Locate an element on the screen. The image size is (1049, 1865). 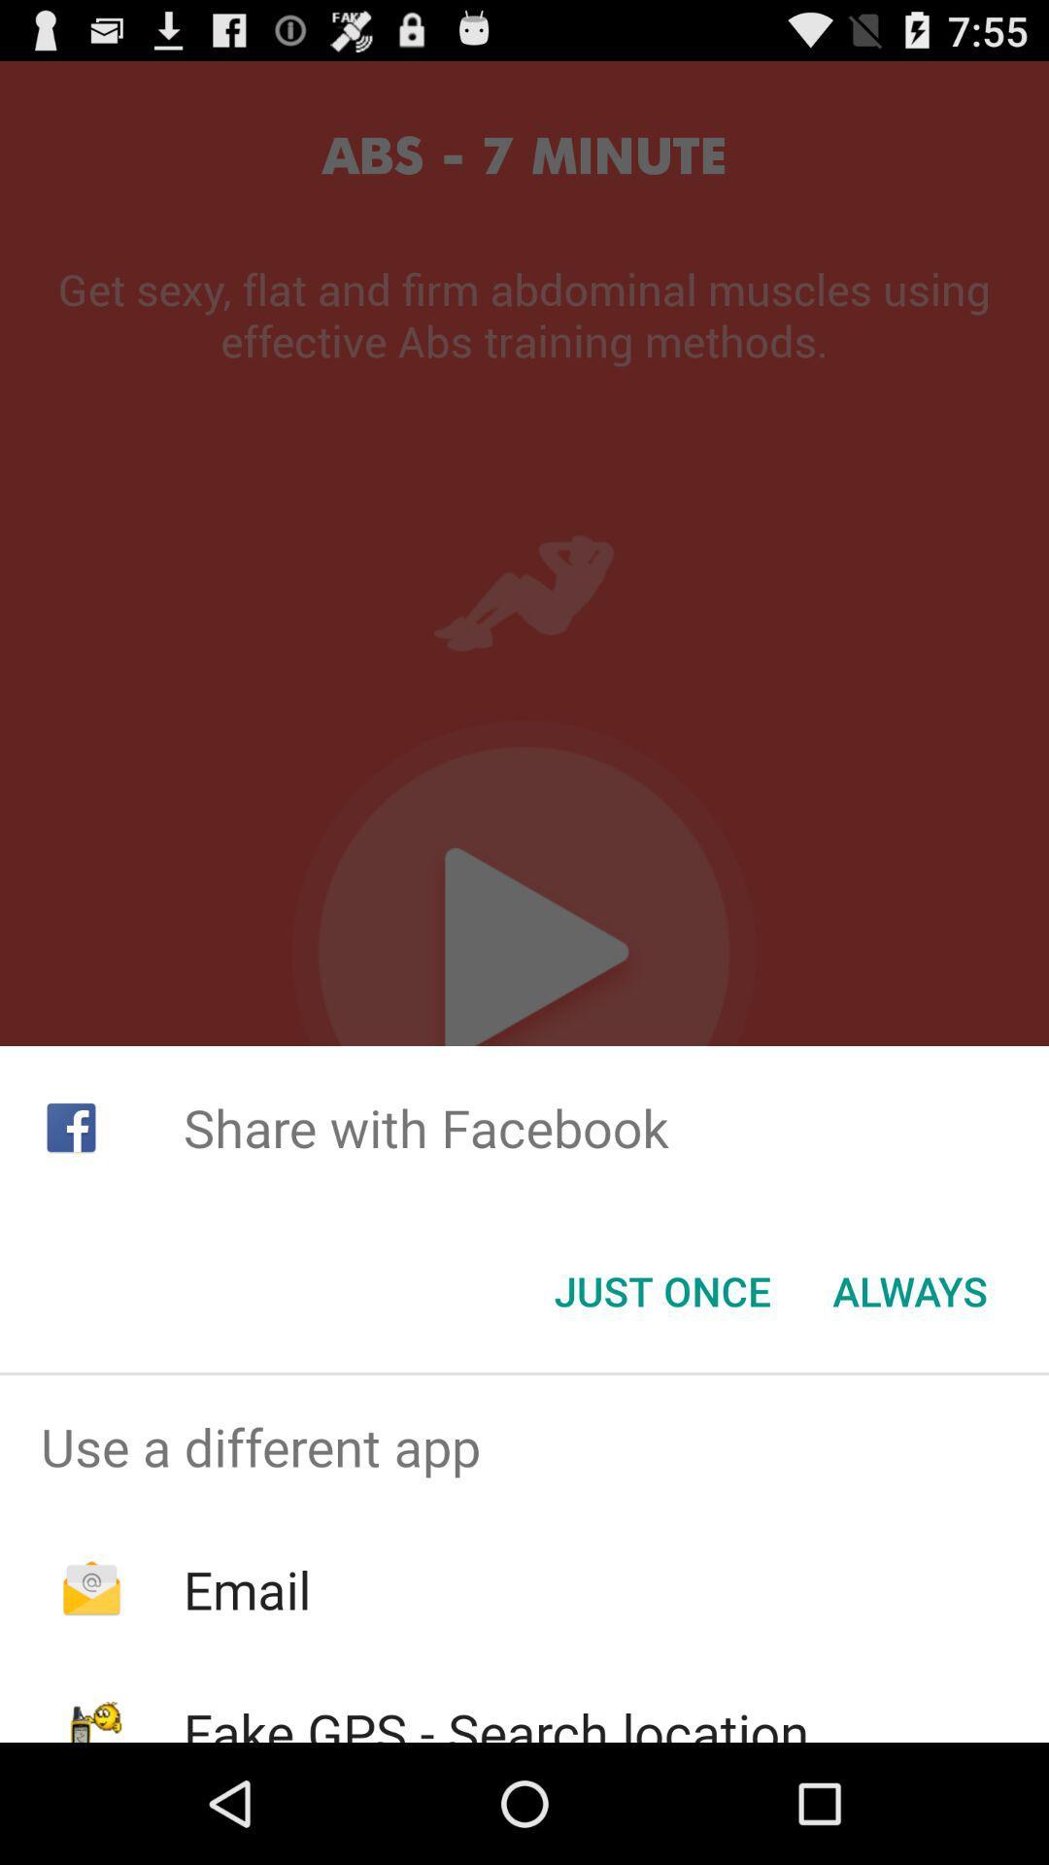
the always item is located at coordinates (910, 1291).